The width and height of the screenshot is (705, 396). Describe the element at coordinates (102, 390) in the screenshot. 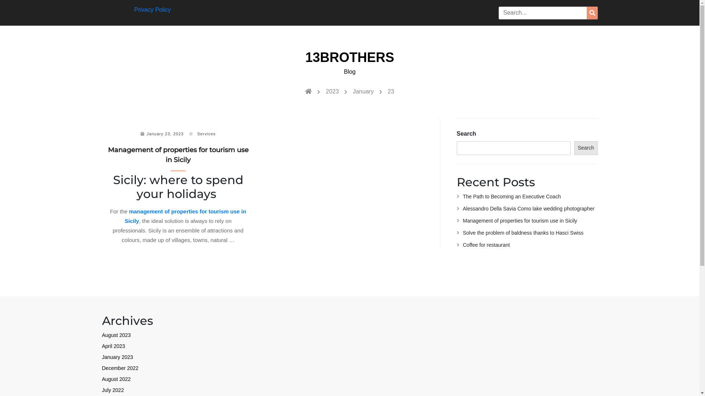

I see `'July 2022'` at that location.